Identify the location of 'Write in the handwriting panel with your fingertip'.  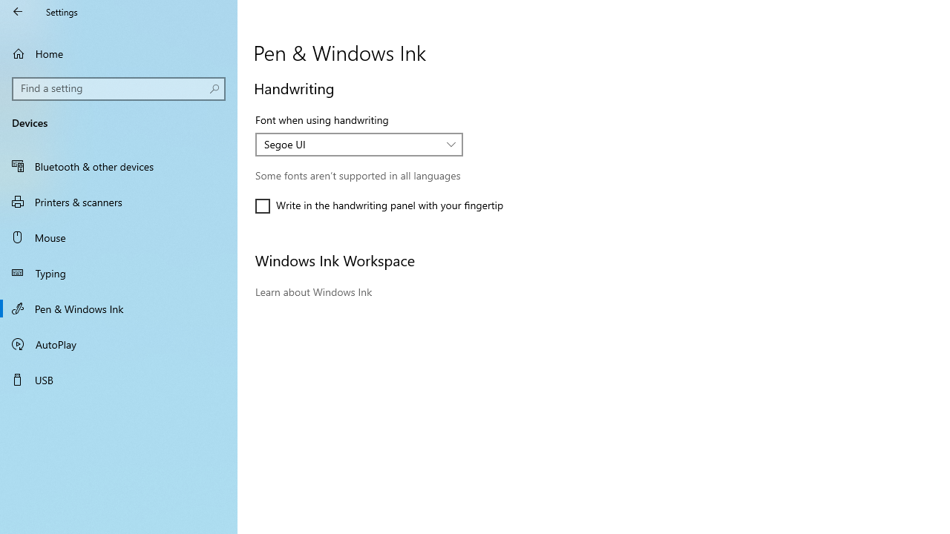
(379, 205).